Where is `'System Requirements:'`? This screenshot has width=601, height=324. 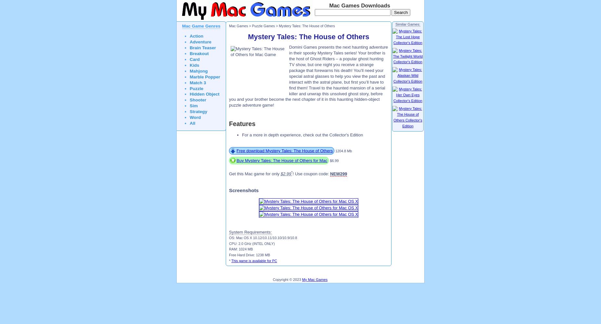 'System Requirements:' is located at coordinates (250, 231).